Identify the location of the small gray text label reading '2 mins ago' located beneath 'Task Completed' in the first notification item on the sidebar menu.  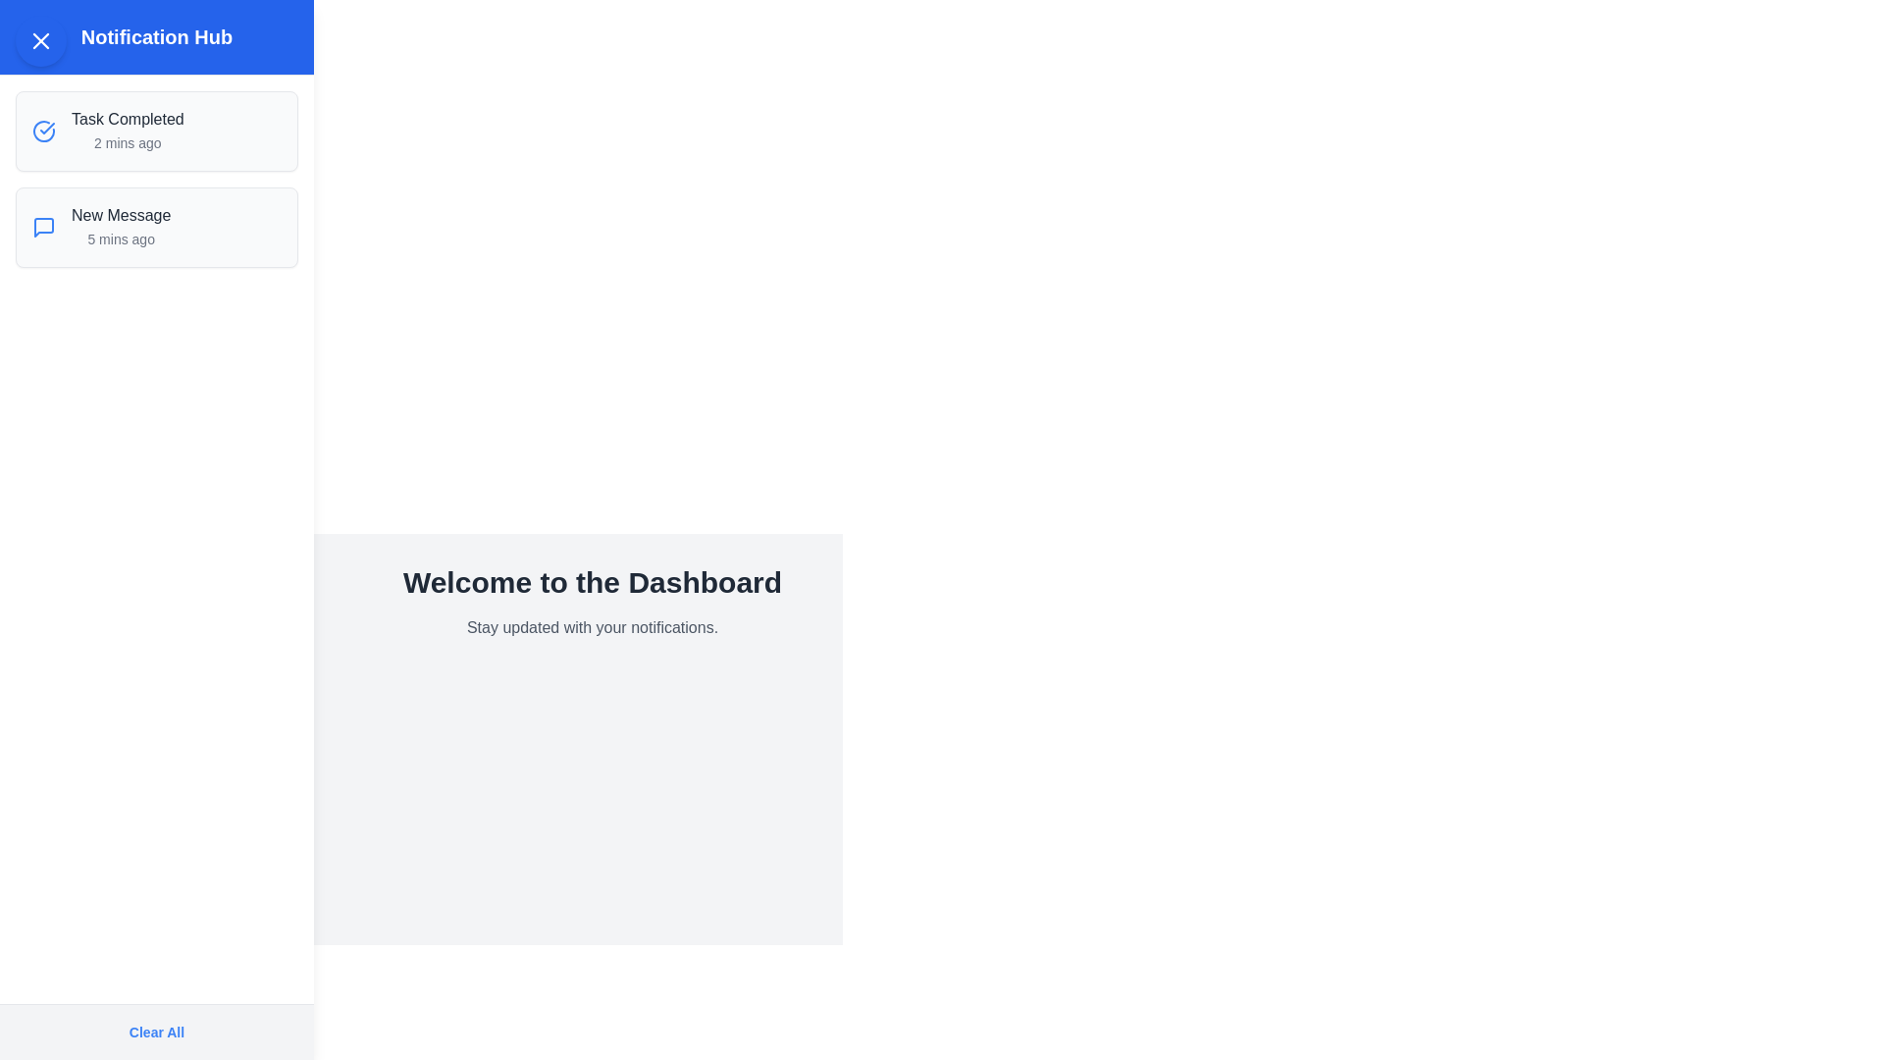
(127, 142).